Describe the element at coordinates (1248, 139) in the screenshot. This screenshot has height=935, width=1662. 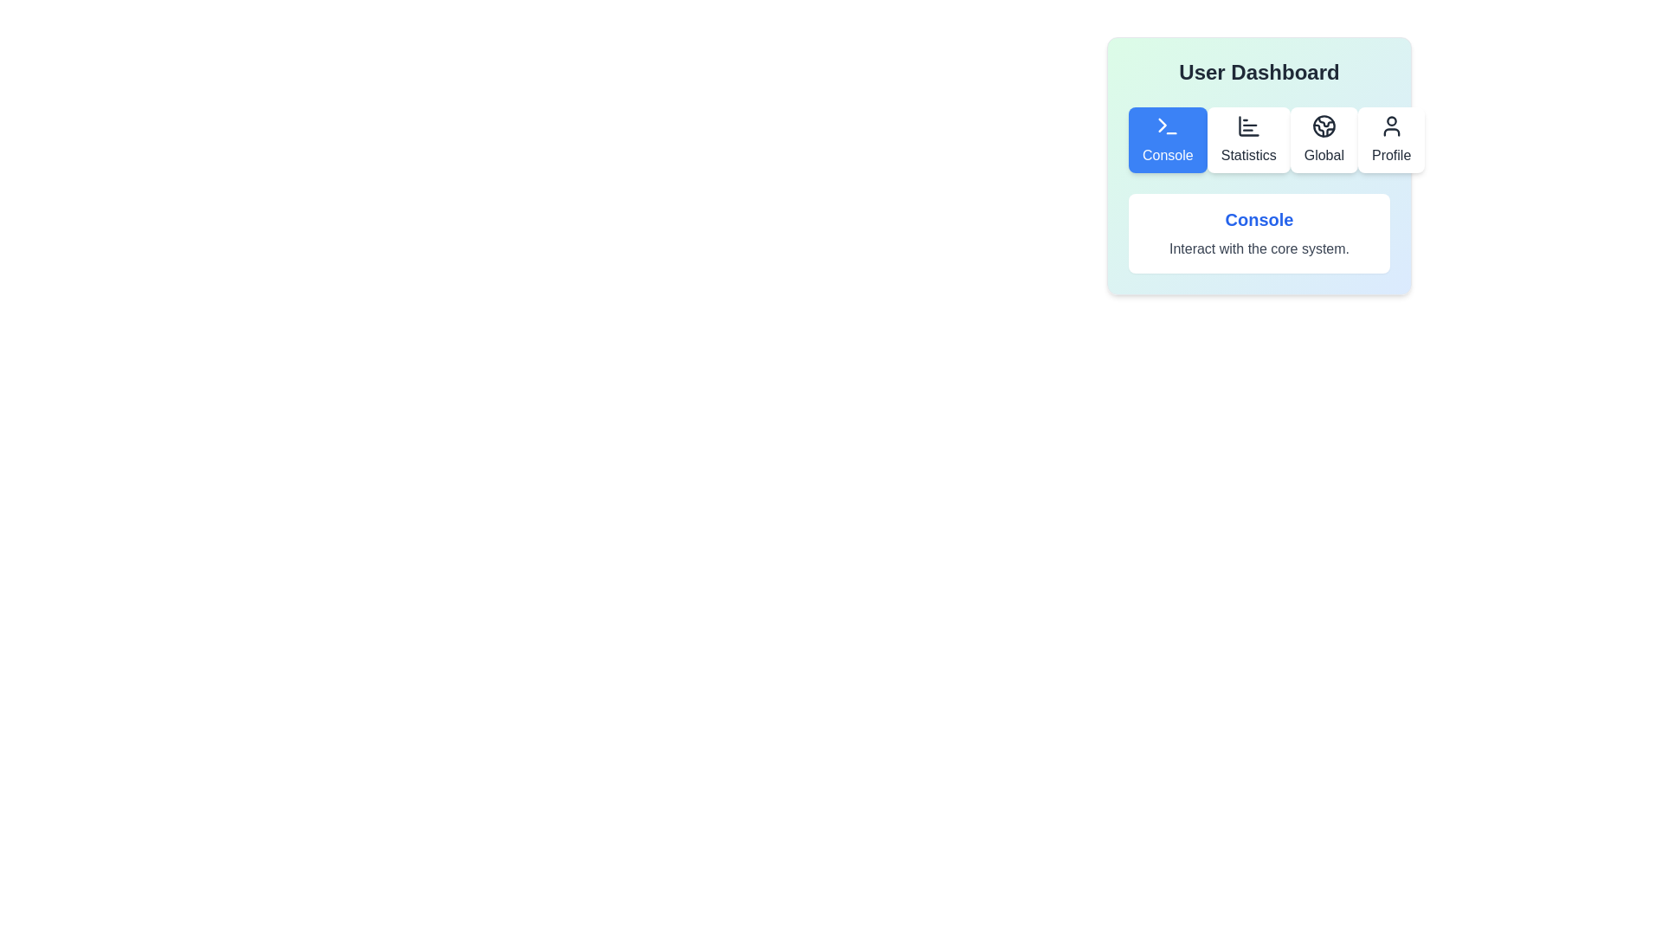
I see `the tab corresponding to Statistics` at that location.